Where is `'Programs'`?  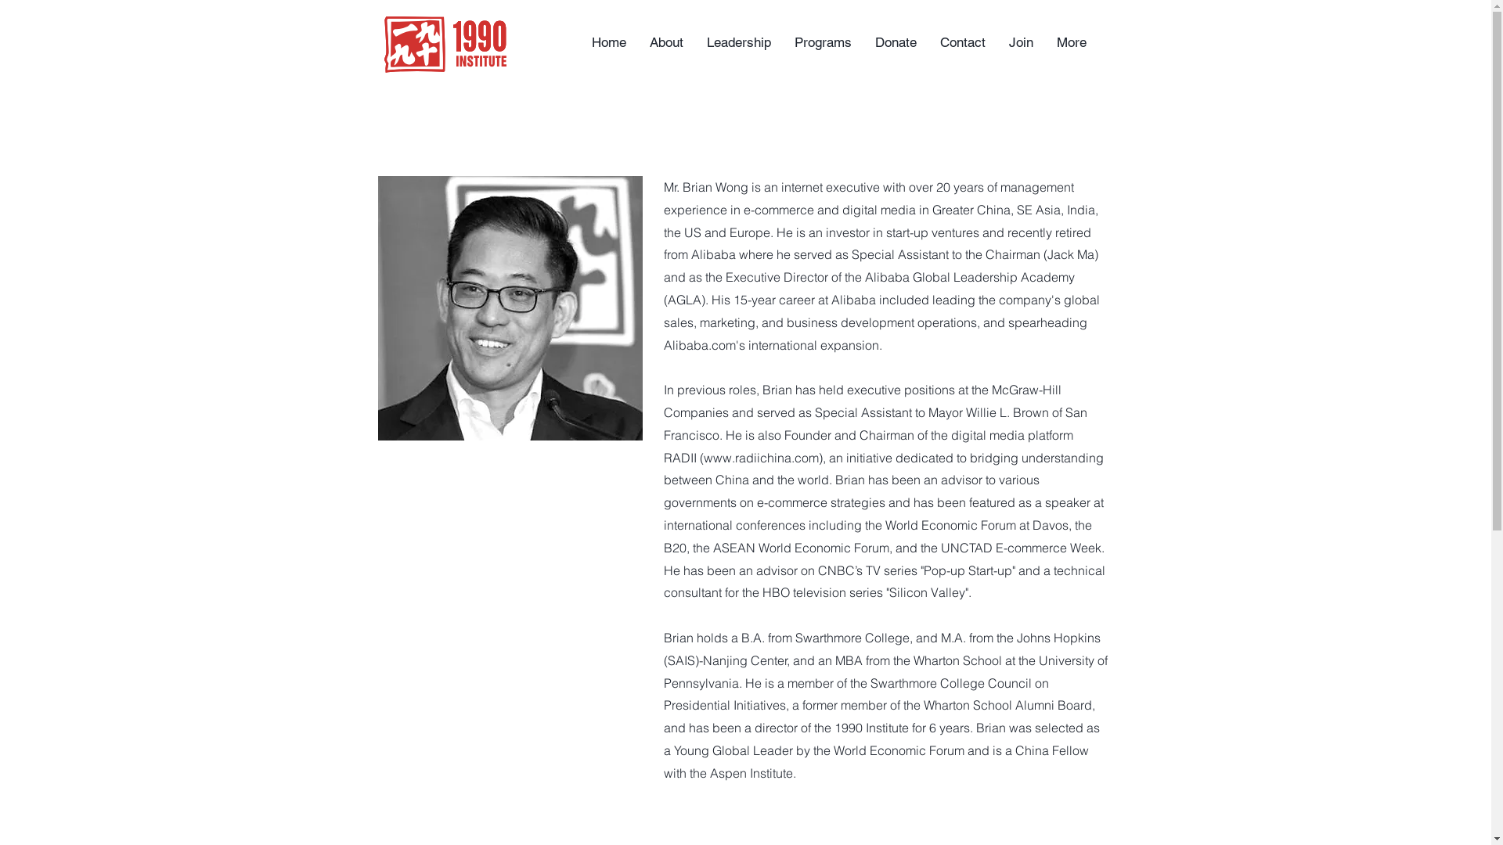 'Programs' is located at coordinates (822, 41).